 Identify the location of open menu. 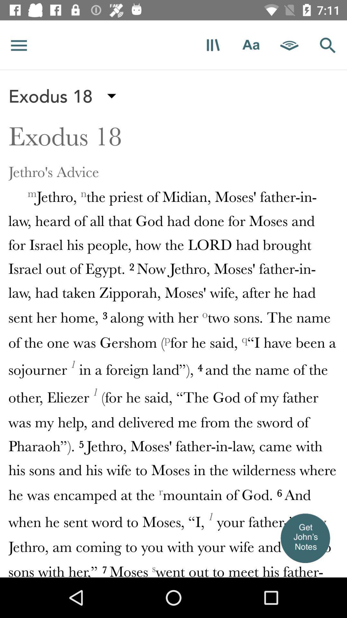
(19, 45).